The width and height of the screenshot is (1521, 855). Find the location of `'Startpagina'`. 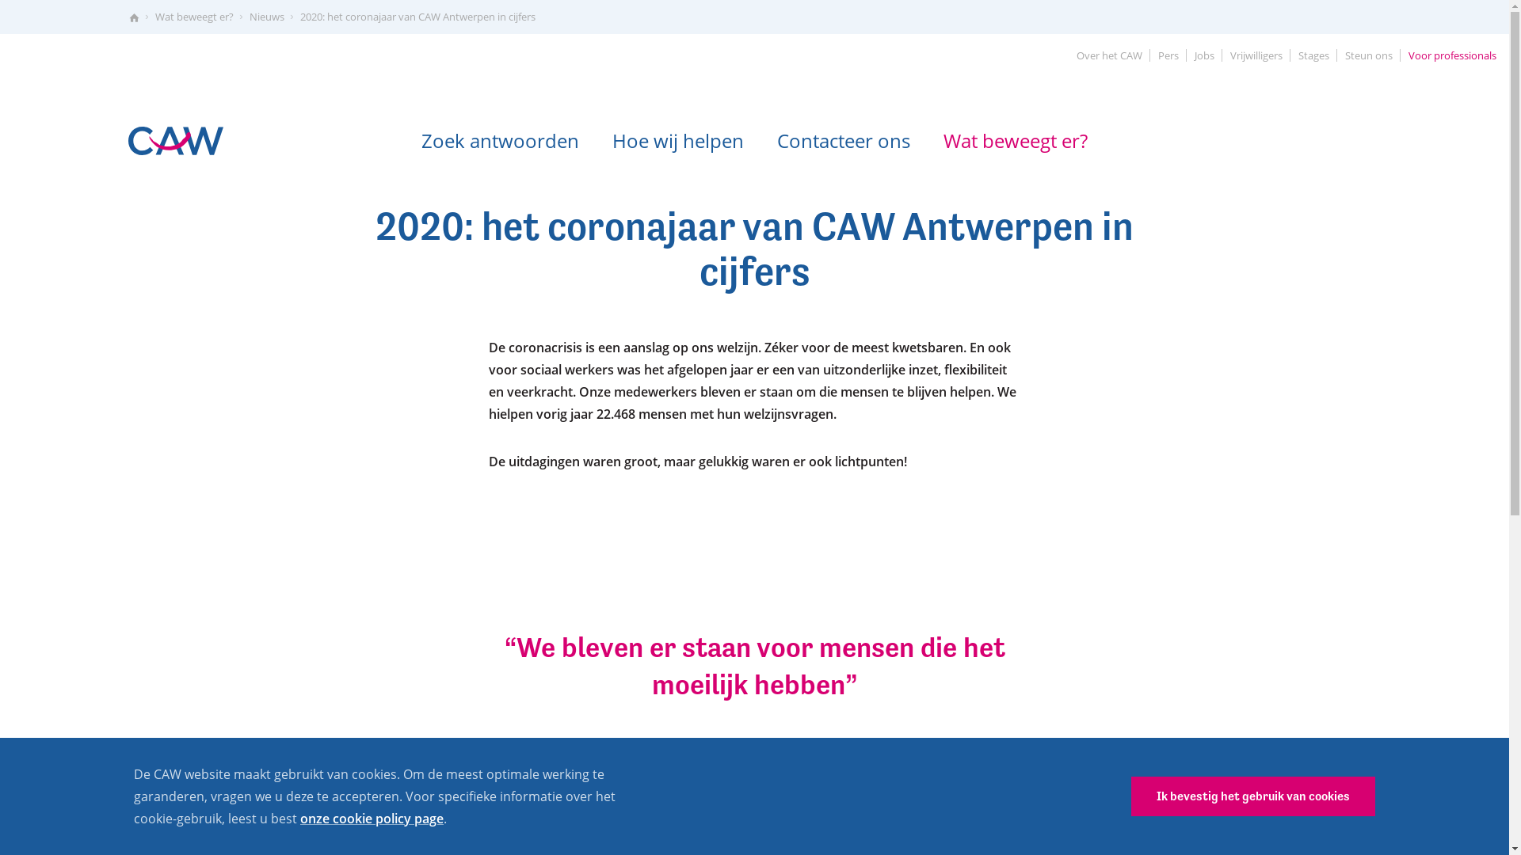

'Startpagina' is located at coordinates (133, 17).